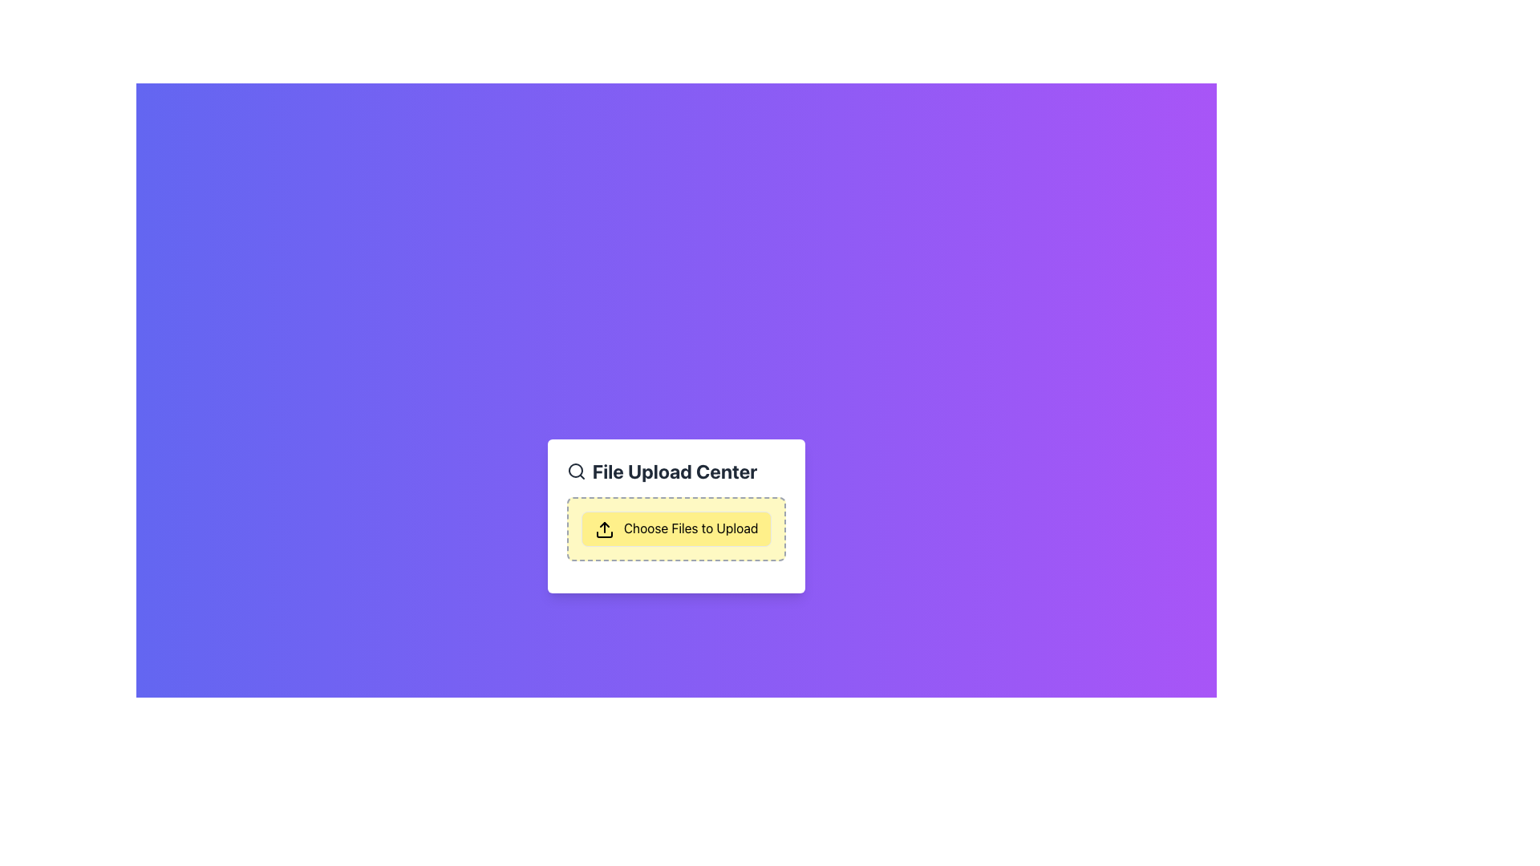  Describe the element at coordinates (603, 529) in the screenshot. I see `the upload arrow icon, which is part of the 'Choose Files to Upload' button` at that location.